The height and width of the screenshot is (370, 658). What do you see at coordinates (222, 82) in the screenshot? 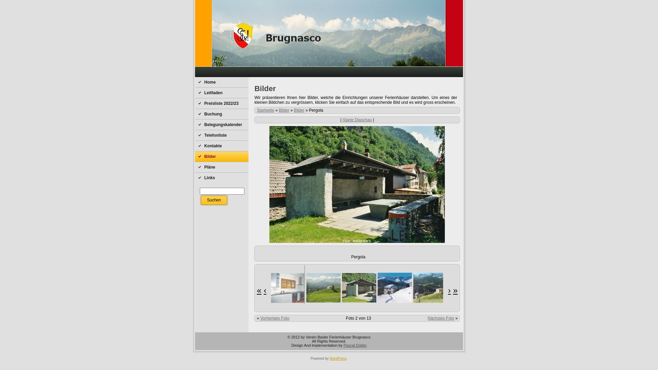
I see `'Home'` at bounding box center [222, 82].